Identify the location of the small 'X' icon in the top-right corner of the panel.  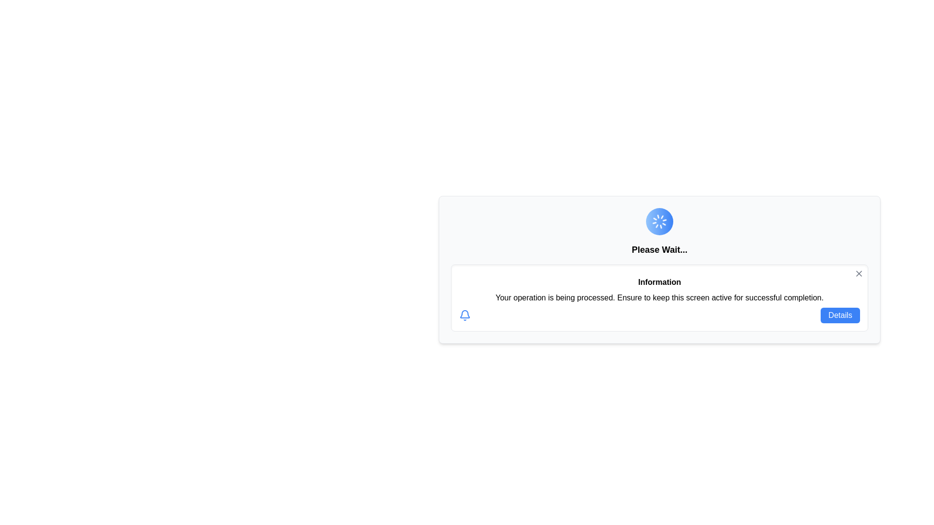
(859, 274).